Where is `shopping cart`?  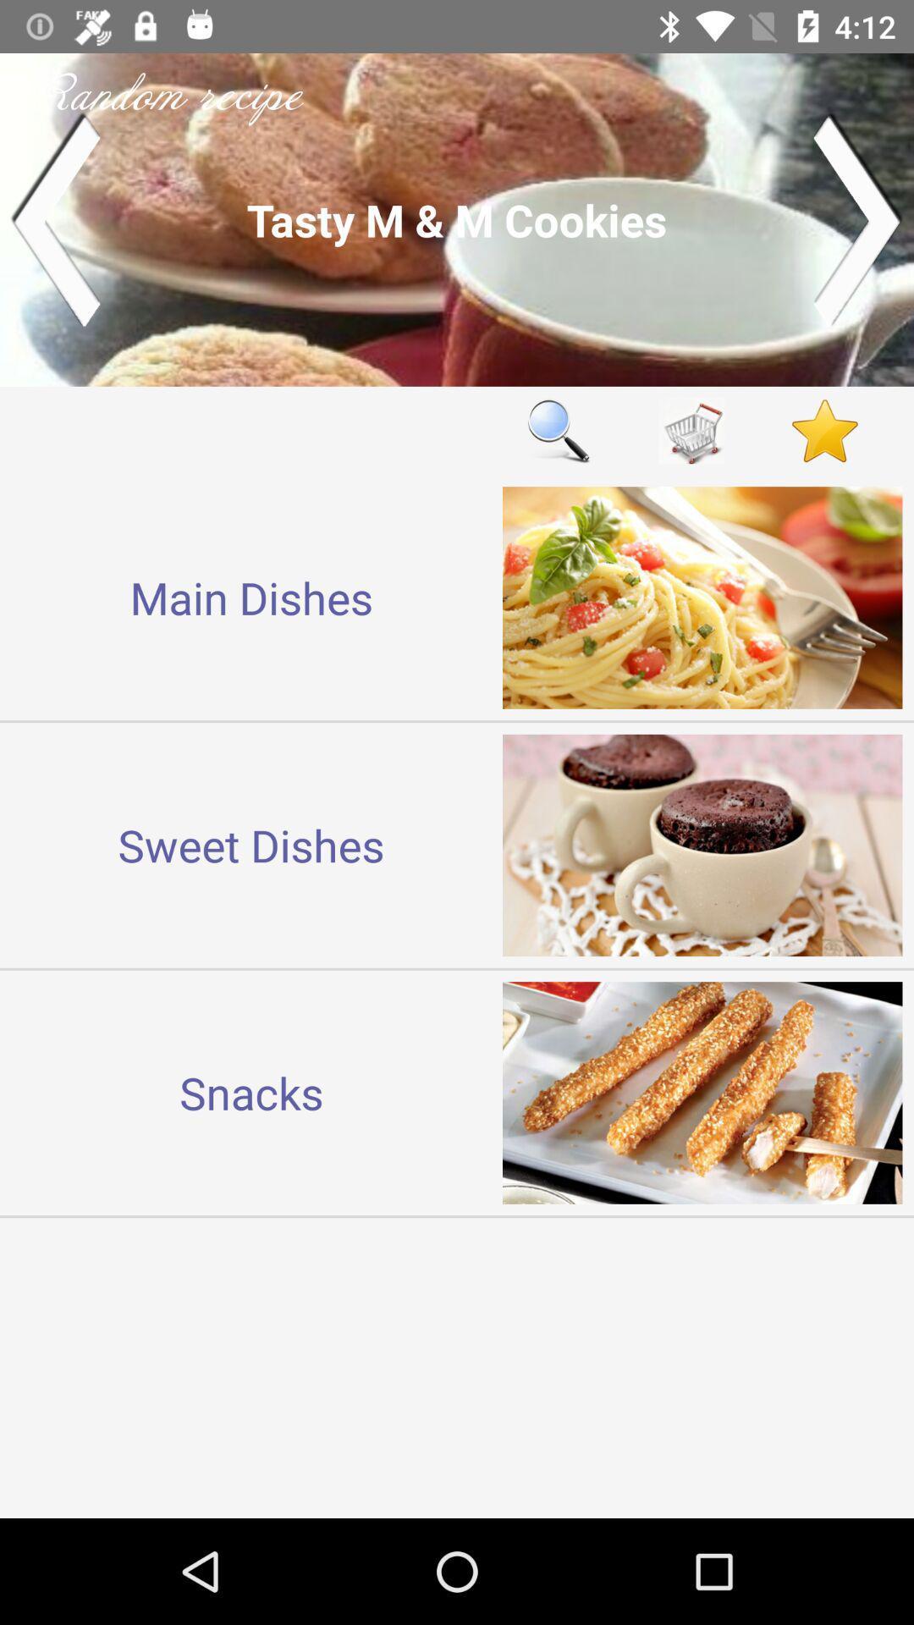 shopping cart is located at coordinates (691, 431).